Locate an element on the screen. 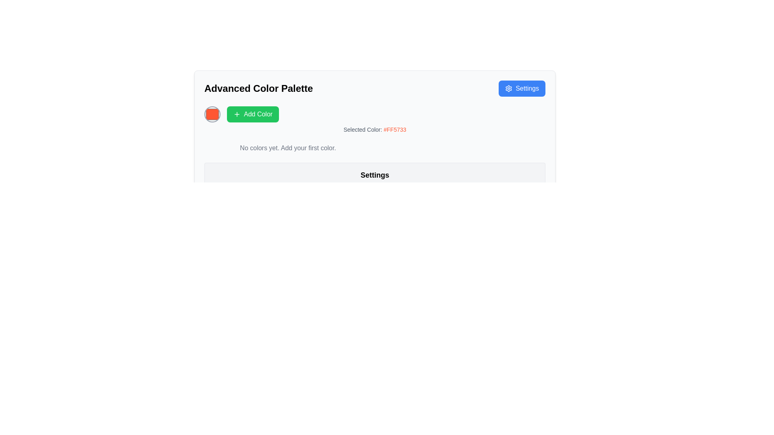 This screenshot has width=774, height=435. the text element displaying the currently selected color's hexadecimal code, which is part of the string 'Selected Color: #FF5733.' is located at coordinates (395, 129).